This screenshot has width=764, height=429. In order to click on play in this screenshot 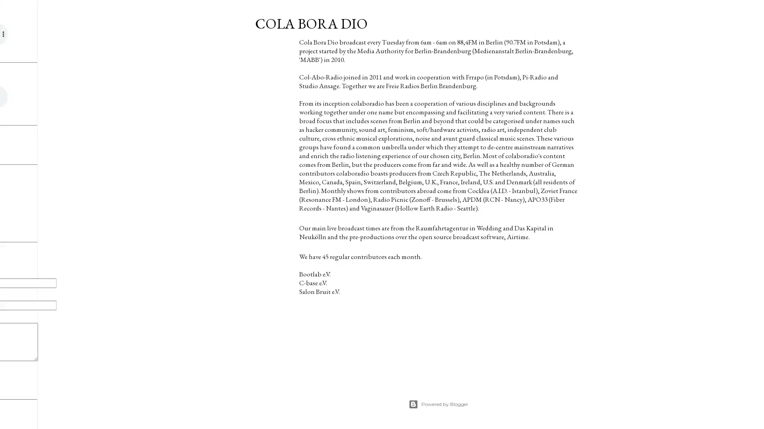, I will do `click(26, 33)`.